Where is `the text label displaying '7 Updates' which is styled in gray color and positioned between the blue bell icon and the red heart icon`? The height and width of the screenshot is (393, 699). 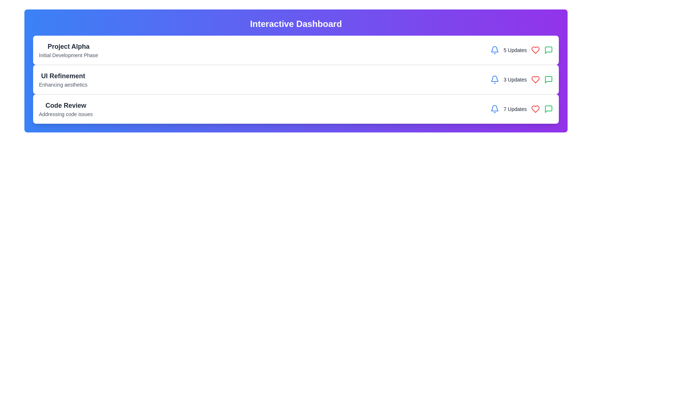 the text label displaying '7 Updates' which is styled in gray color and positioned between the blue bell icon and the red heart icon is located at coordinates (515, 109).